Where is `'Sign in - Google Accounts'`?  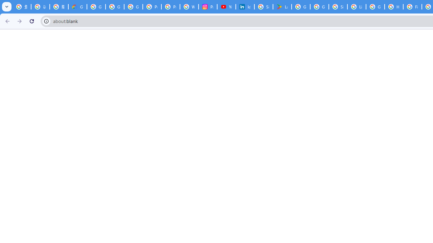 'Sign in - Google Accounts' is located at coordinates (338, 7).